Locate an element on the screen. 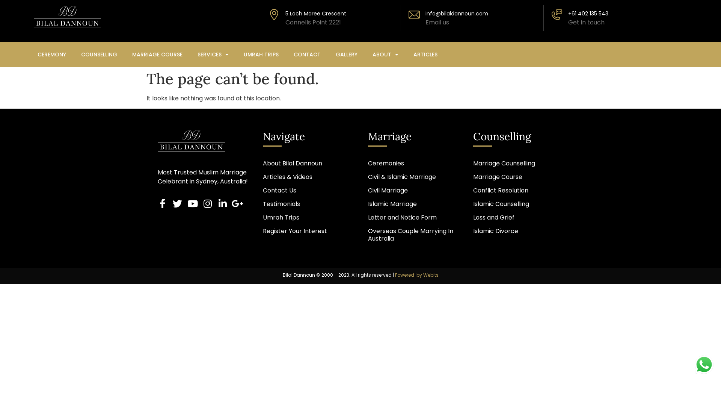  'Islamic Divorce' is located at coordinates (518, 230).